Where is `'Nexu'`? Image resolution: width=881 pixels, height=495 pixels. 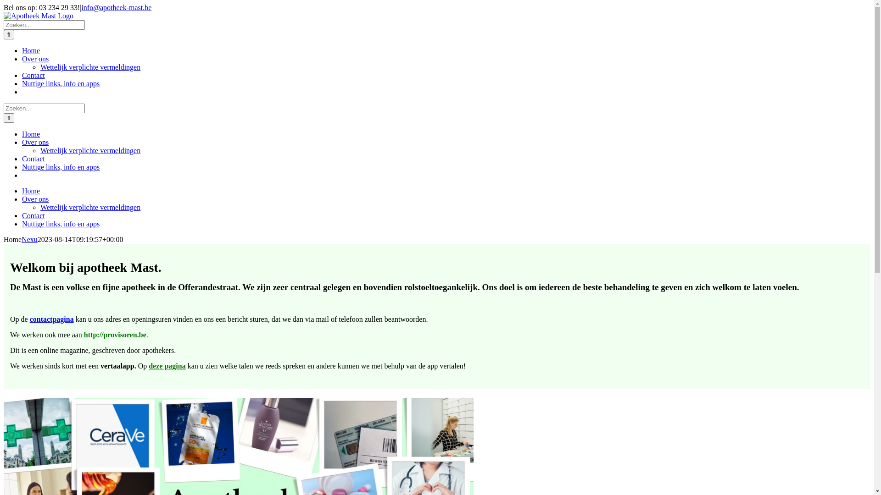 'Nexu' is located at coordinates (29, 239).